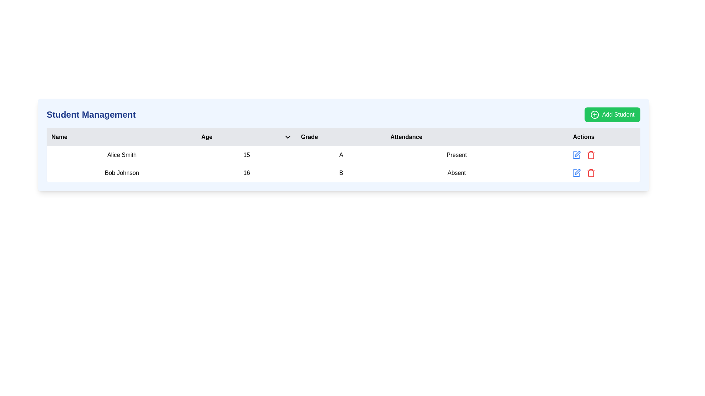 The height and width of the screenshot is (396, 705). Describe the element at coordinates (341, 173) in the screenshot. I see `the static text displaying the grade 'B' for the student 'Bob Johnson' in the 'Grade' column of the table` at that location.